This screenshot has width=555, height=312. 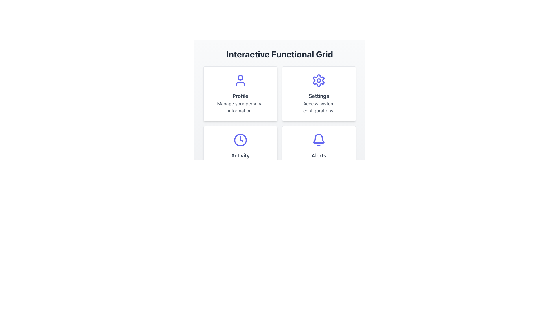 I want to click on the notification alerts icon located in the bottom-right segment of the 'Interactive Functional Grid', specifically in the 'Alerts' section, so click(x=319, y=140).